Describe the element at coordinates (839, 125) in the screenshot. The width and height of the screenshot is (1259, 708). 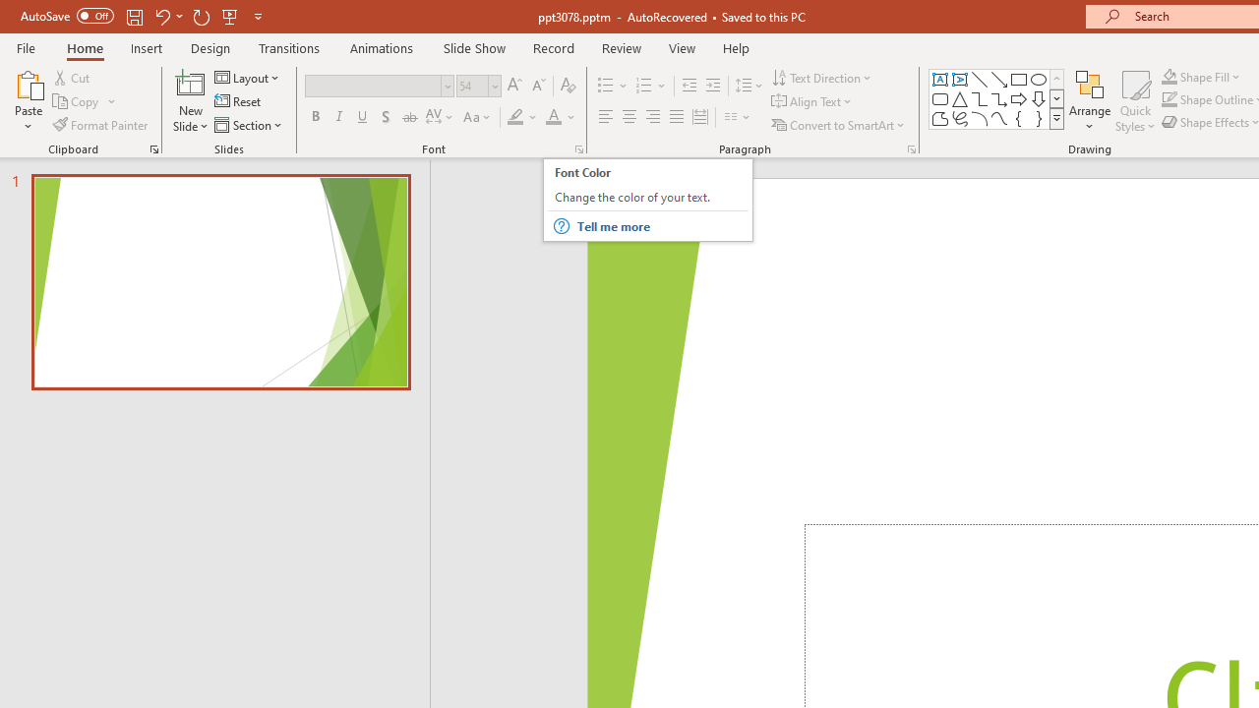
I see `'Convert to SmartArt'` at that location.